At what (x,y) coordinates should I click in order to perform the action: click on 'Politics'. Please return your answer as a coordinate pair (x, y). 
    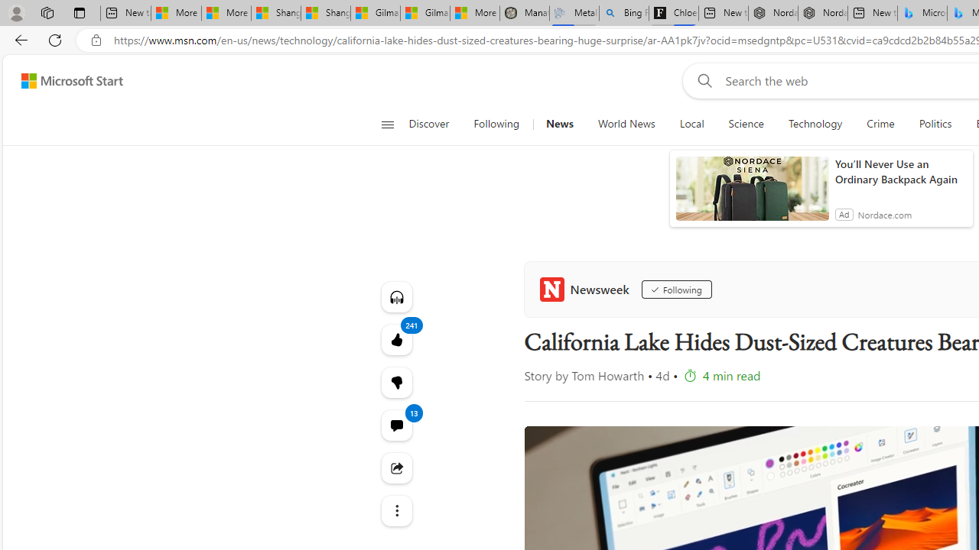
    Looking at the image, I should click on (935, 124).